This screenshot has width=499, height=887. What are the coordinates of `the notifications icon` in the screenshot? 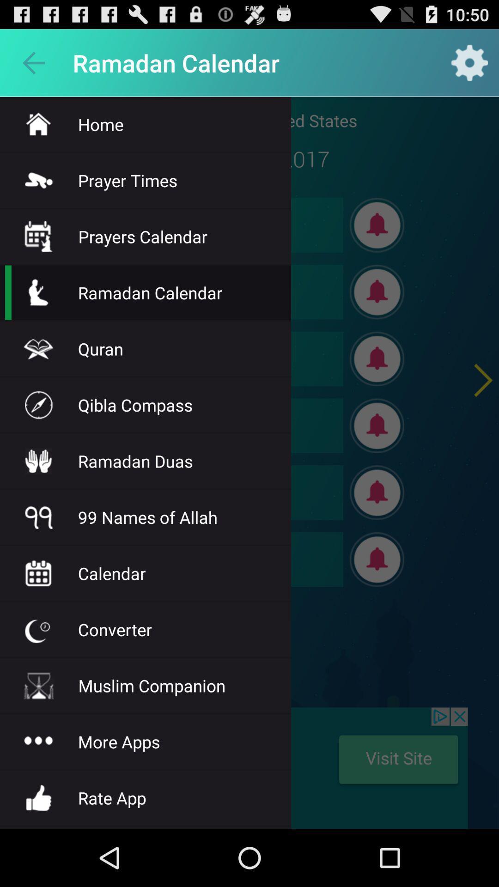 It's located at (377, 527).